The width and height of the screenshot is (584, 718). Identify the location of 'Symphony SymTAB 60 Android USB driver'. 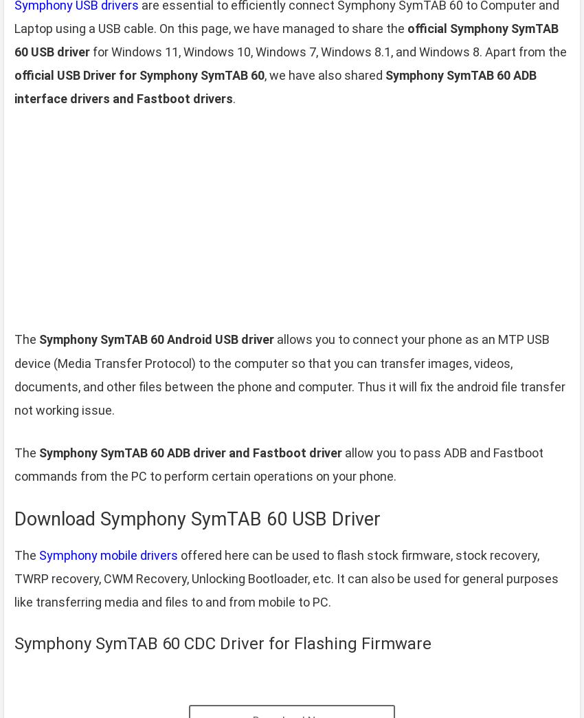
(156, 339).